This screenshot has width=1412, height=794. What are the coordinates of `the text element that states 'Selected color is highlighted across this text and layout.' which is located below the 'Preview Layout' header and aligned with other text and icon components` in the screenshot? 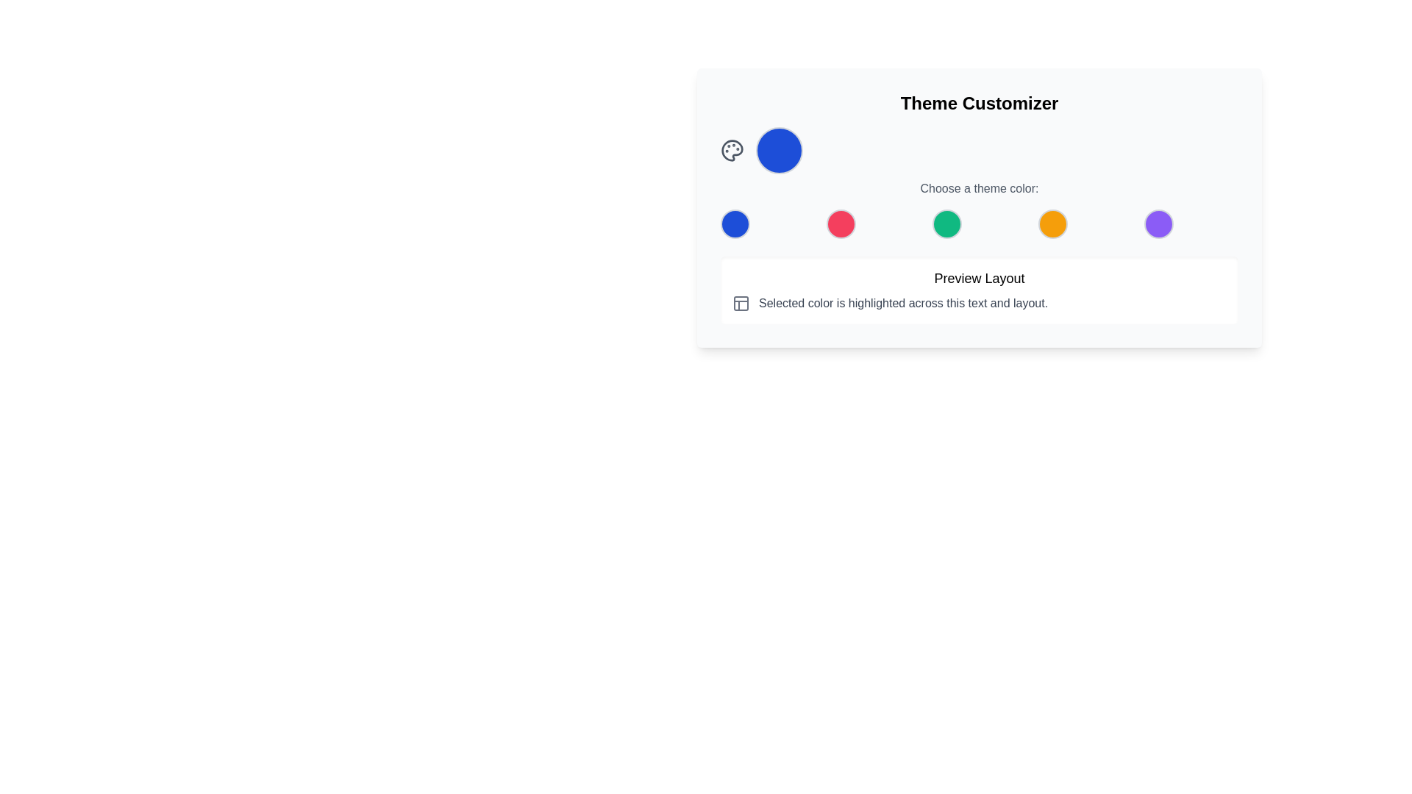 It's located at (979, 302).